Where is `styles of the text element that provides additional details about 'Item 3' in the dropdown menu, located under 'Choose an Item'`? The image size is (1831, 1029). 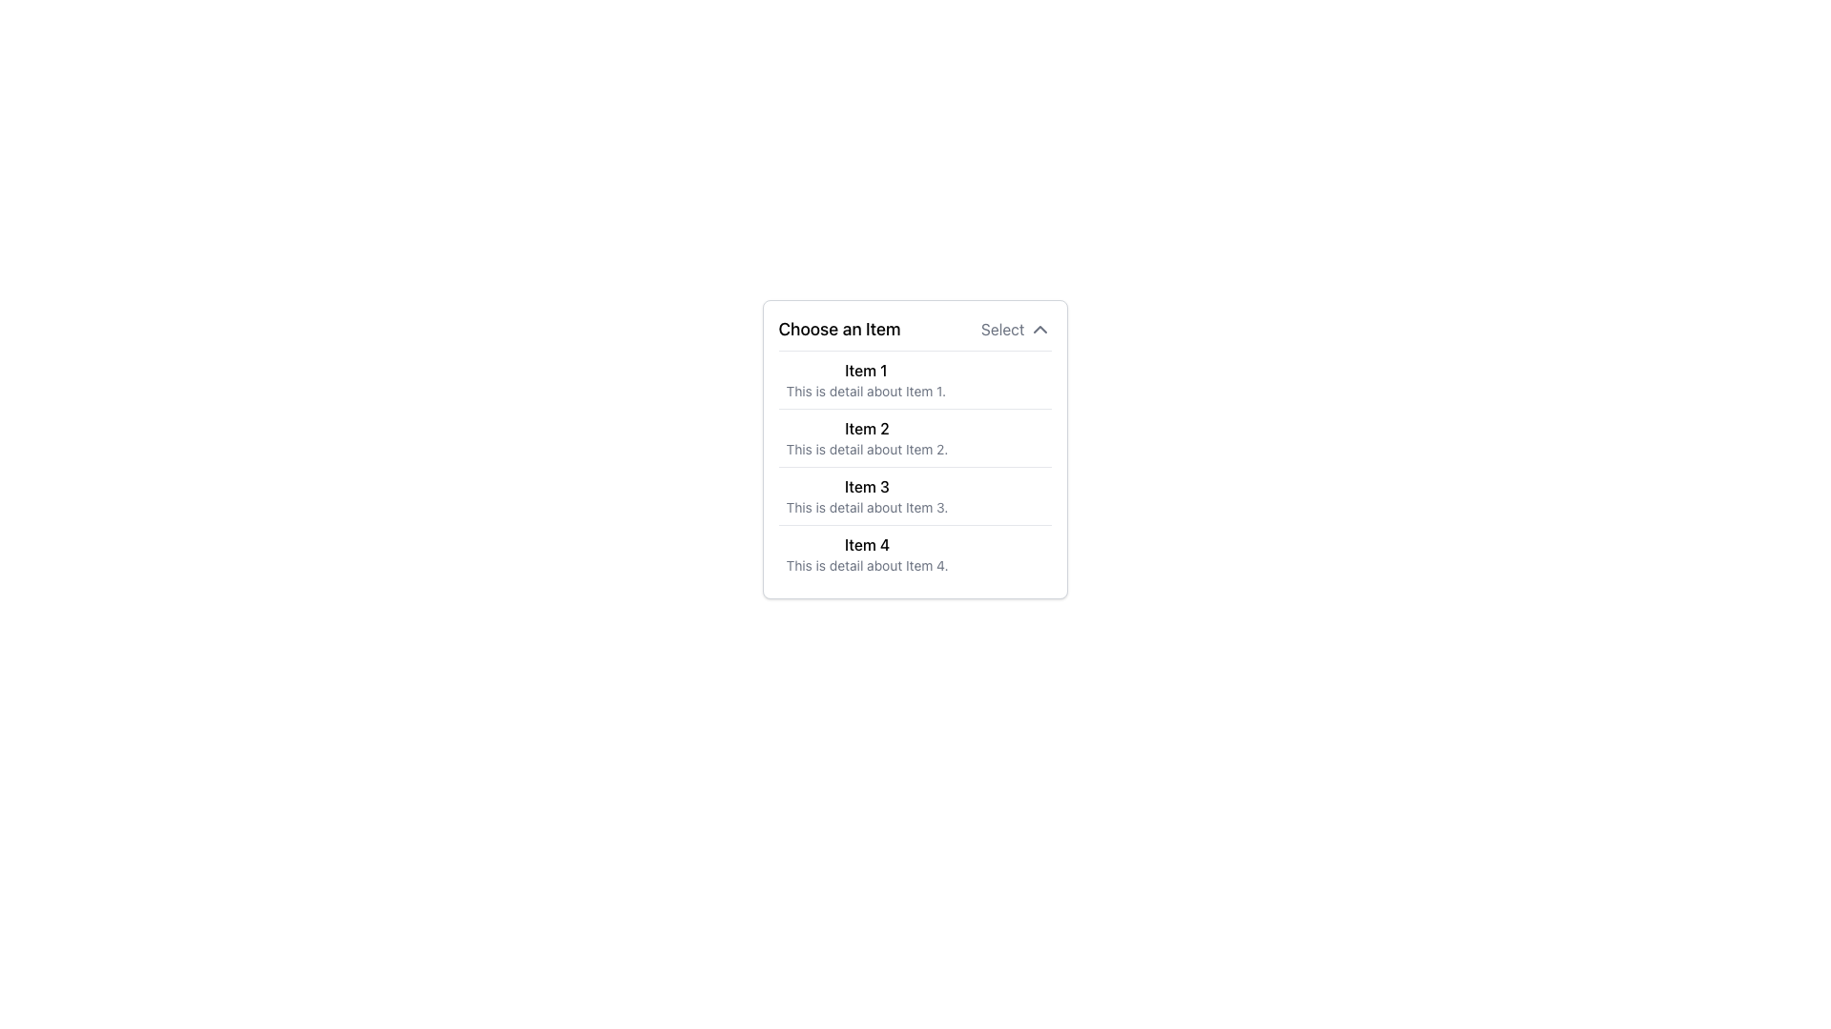 styles of the text element that provides additional details about 'Item 3' in the dropdown menu, located under 'Choose an Item' is located at coordinates (866, 506).